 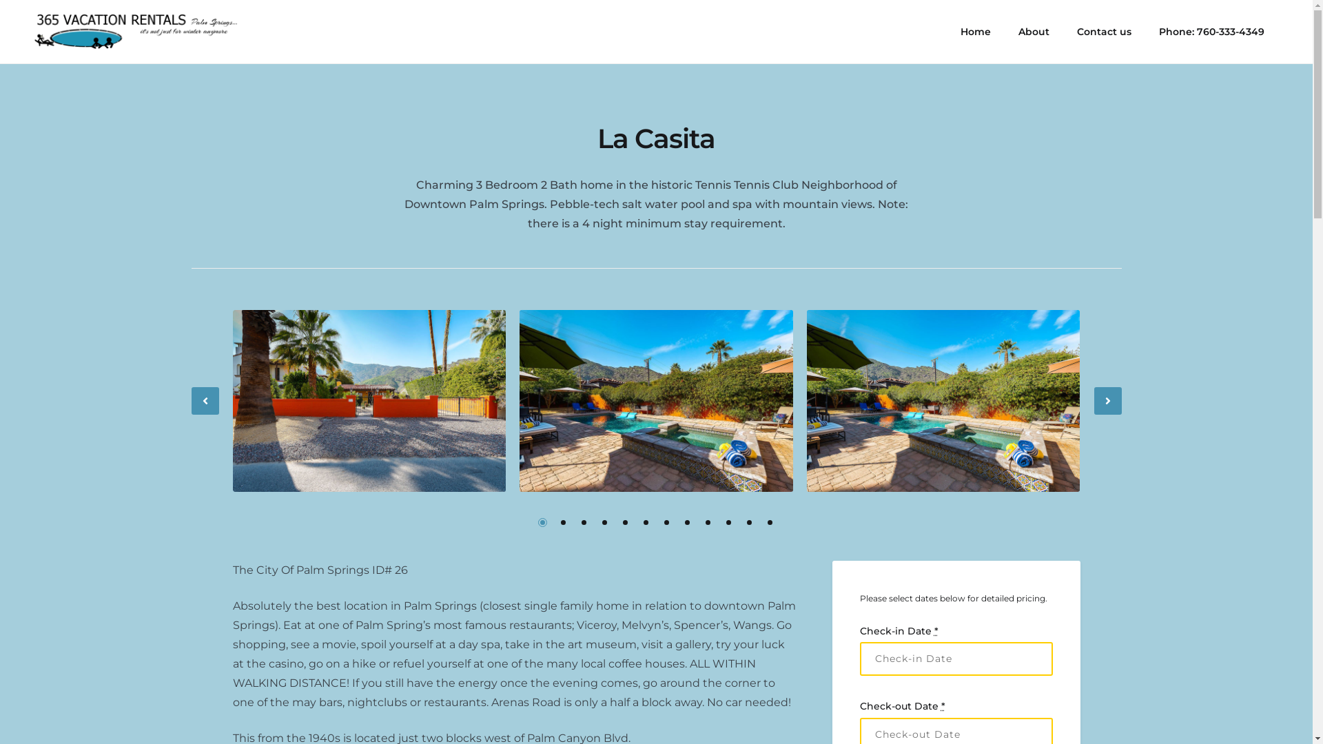 What do you see at coordinates (1108, 401) in the screenshot?
I see `'Next'` at bounding box center [1108, 401].